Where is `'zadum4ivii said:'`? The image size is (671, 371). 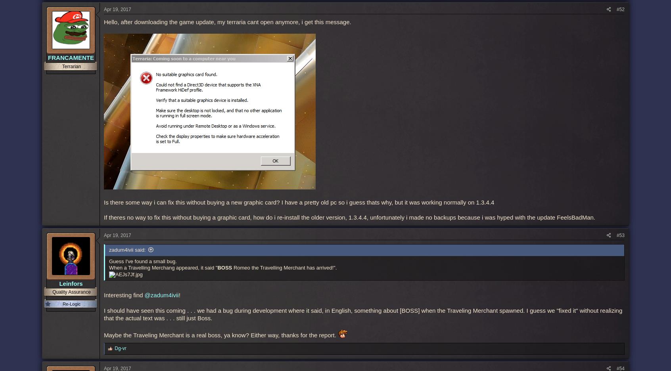 'zadum4ivii said:' is located at coordinates (127, 249).